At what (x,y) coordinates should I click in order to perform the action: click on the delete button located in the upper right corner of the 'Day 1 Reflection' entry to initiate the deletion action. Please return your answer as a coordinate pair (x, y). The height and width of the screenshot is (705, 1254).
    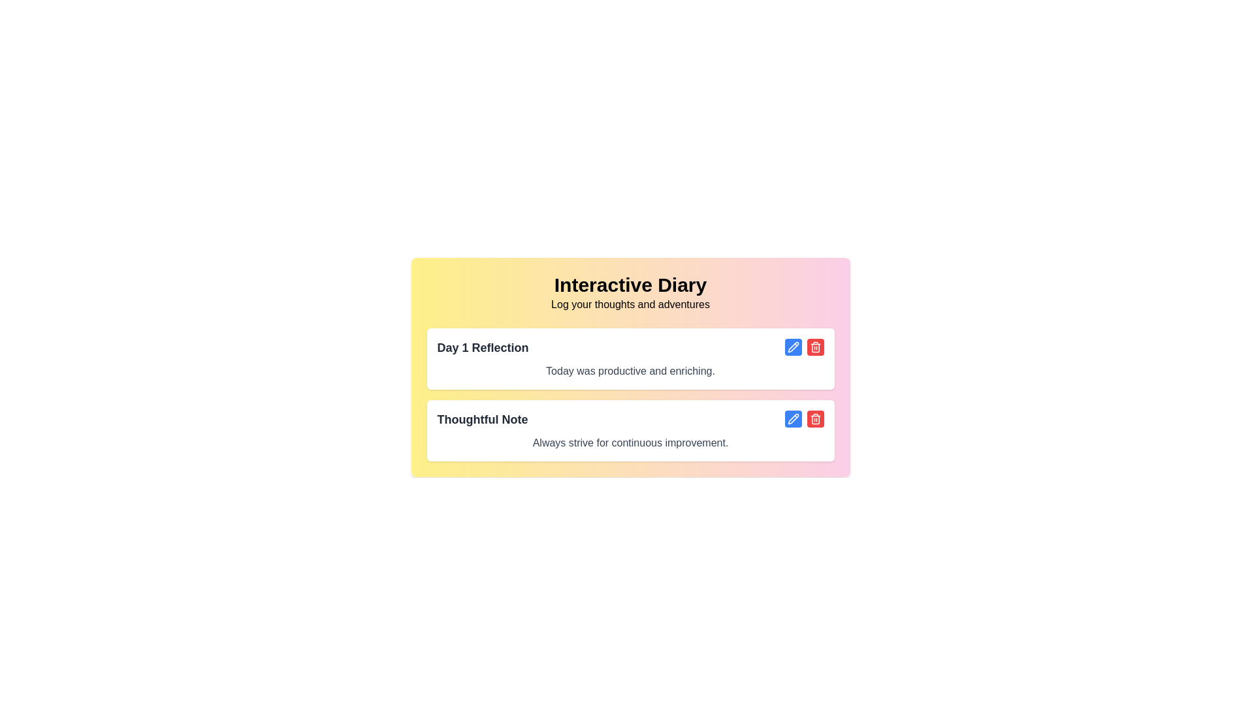
    Looking at the image, I should click on (814, 347).